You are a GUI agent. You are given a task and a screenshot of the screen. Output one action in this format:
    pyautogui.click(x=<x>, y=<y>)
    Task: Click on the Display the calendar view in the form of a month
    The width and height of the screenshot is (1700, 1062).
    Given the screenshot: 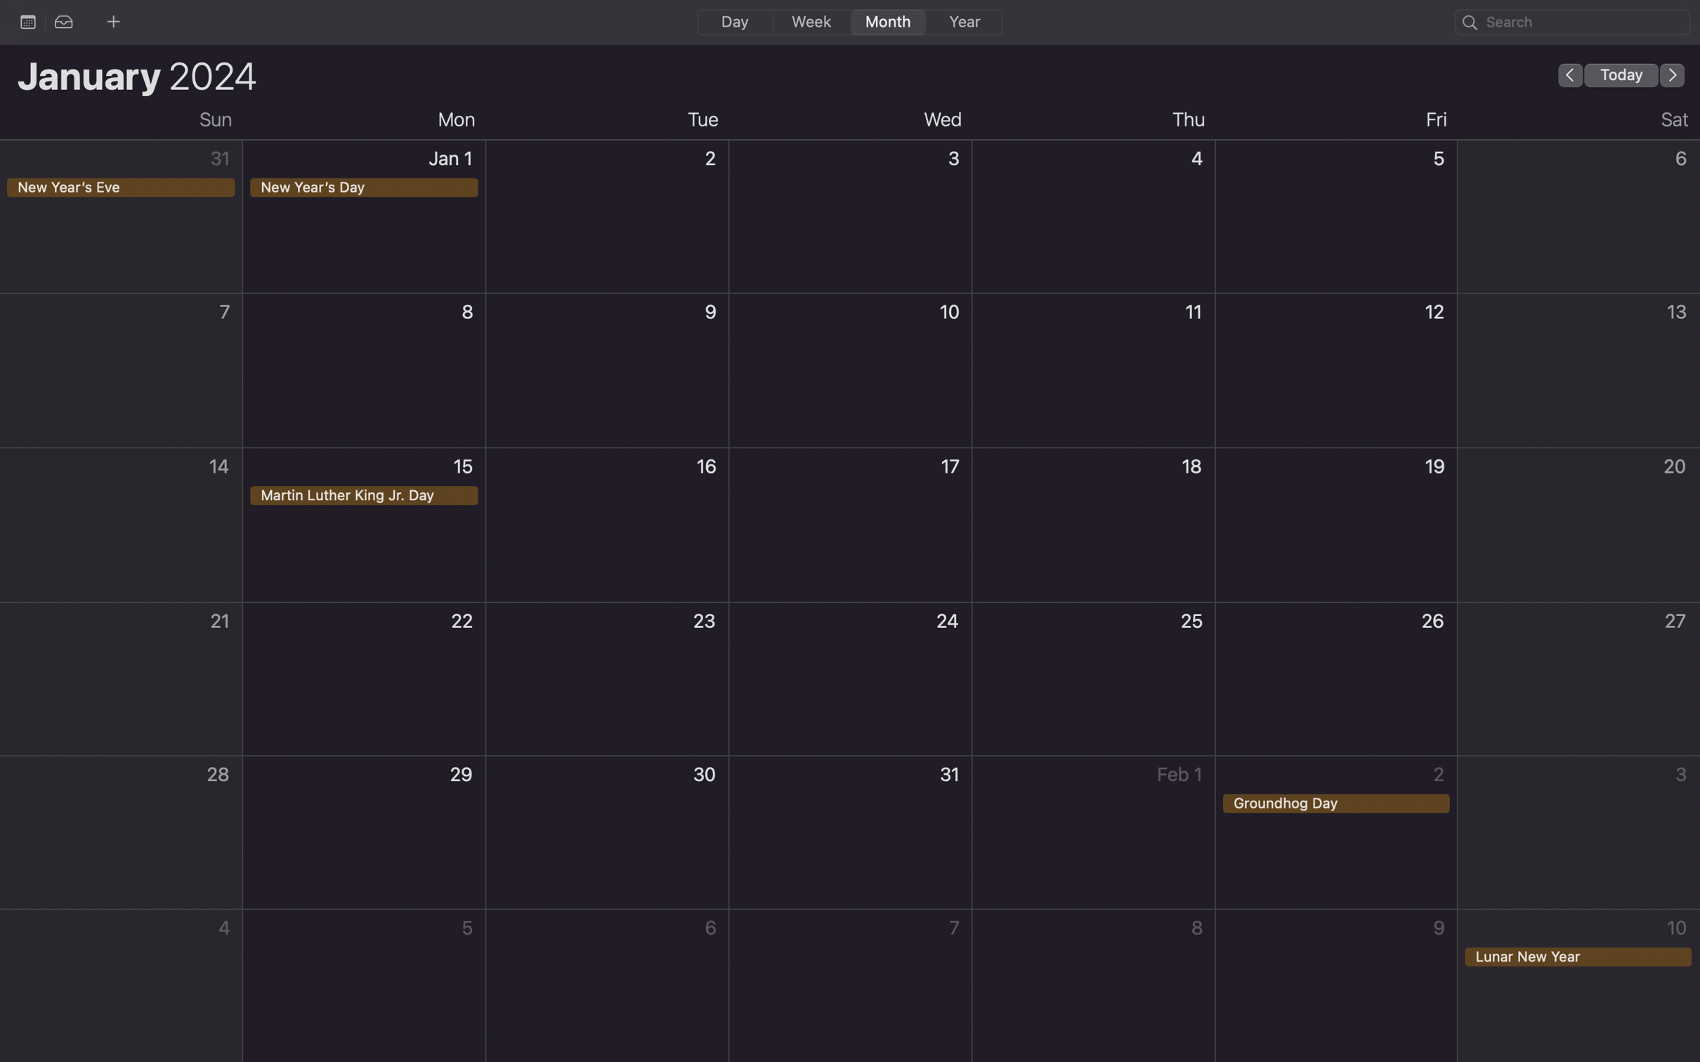 What is the action you would take?
    pyautogui.click(x=885, y=21)
    